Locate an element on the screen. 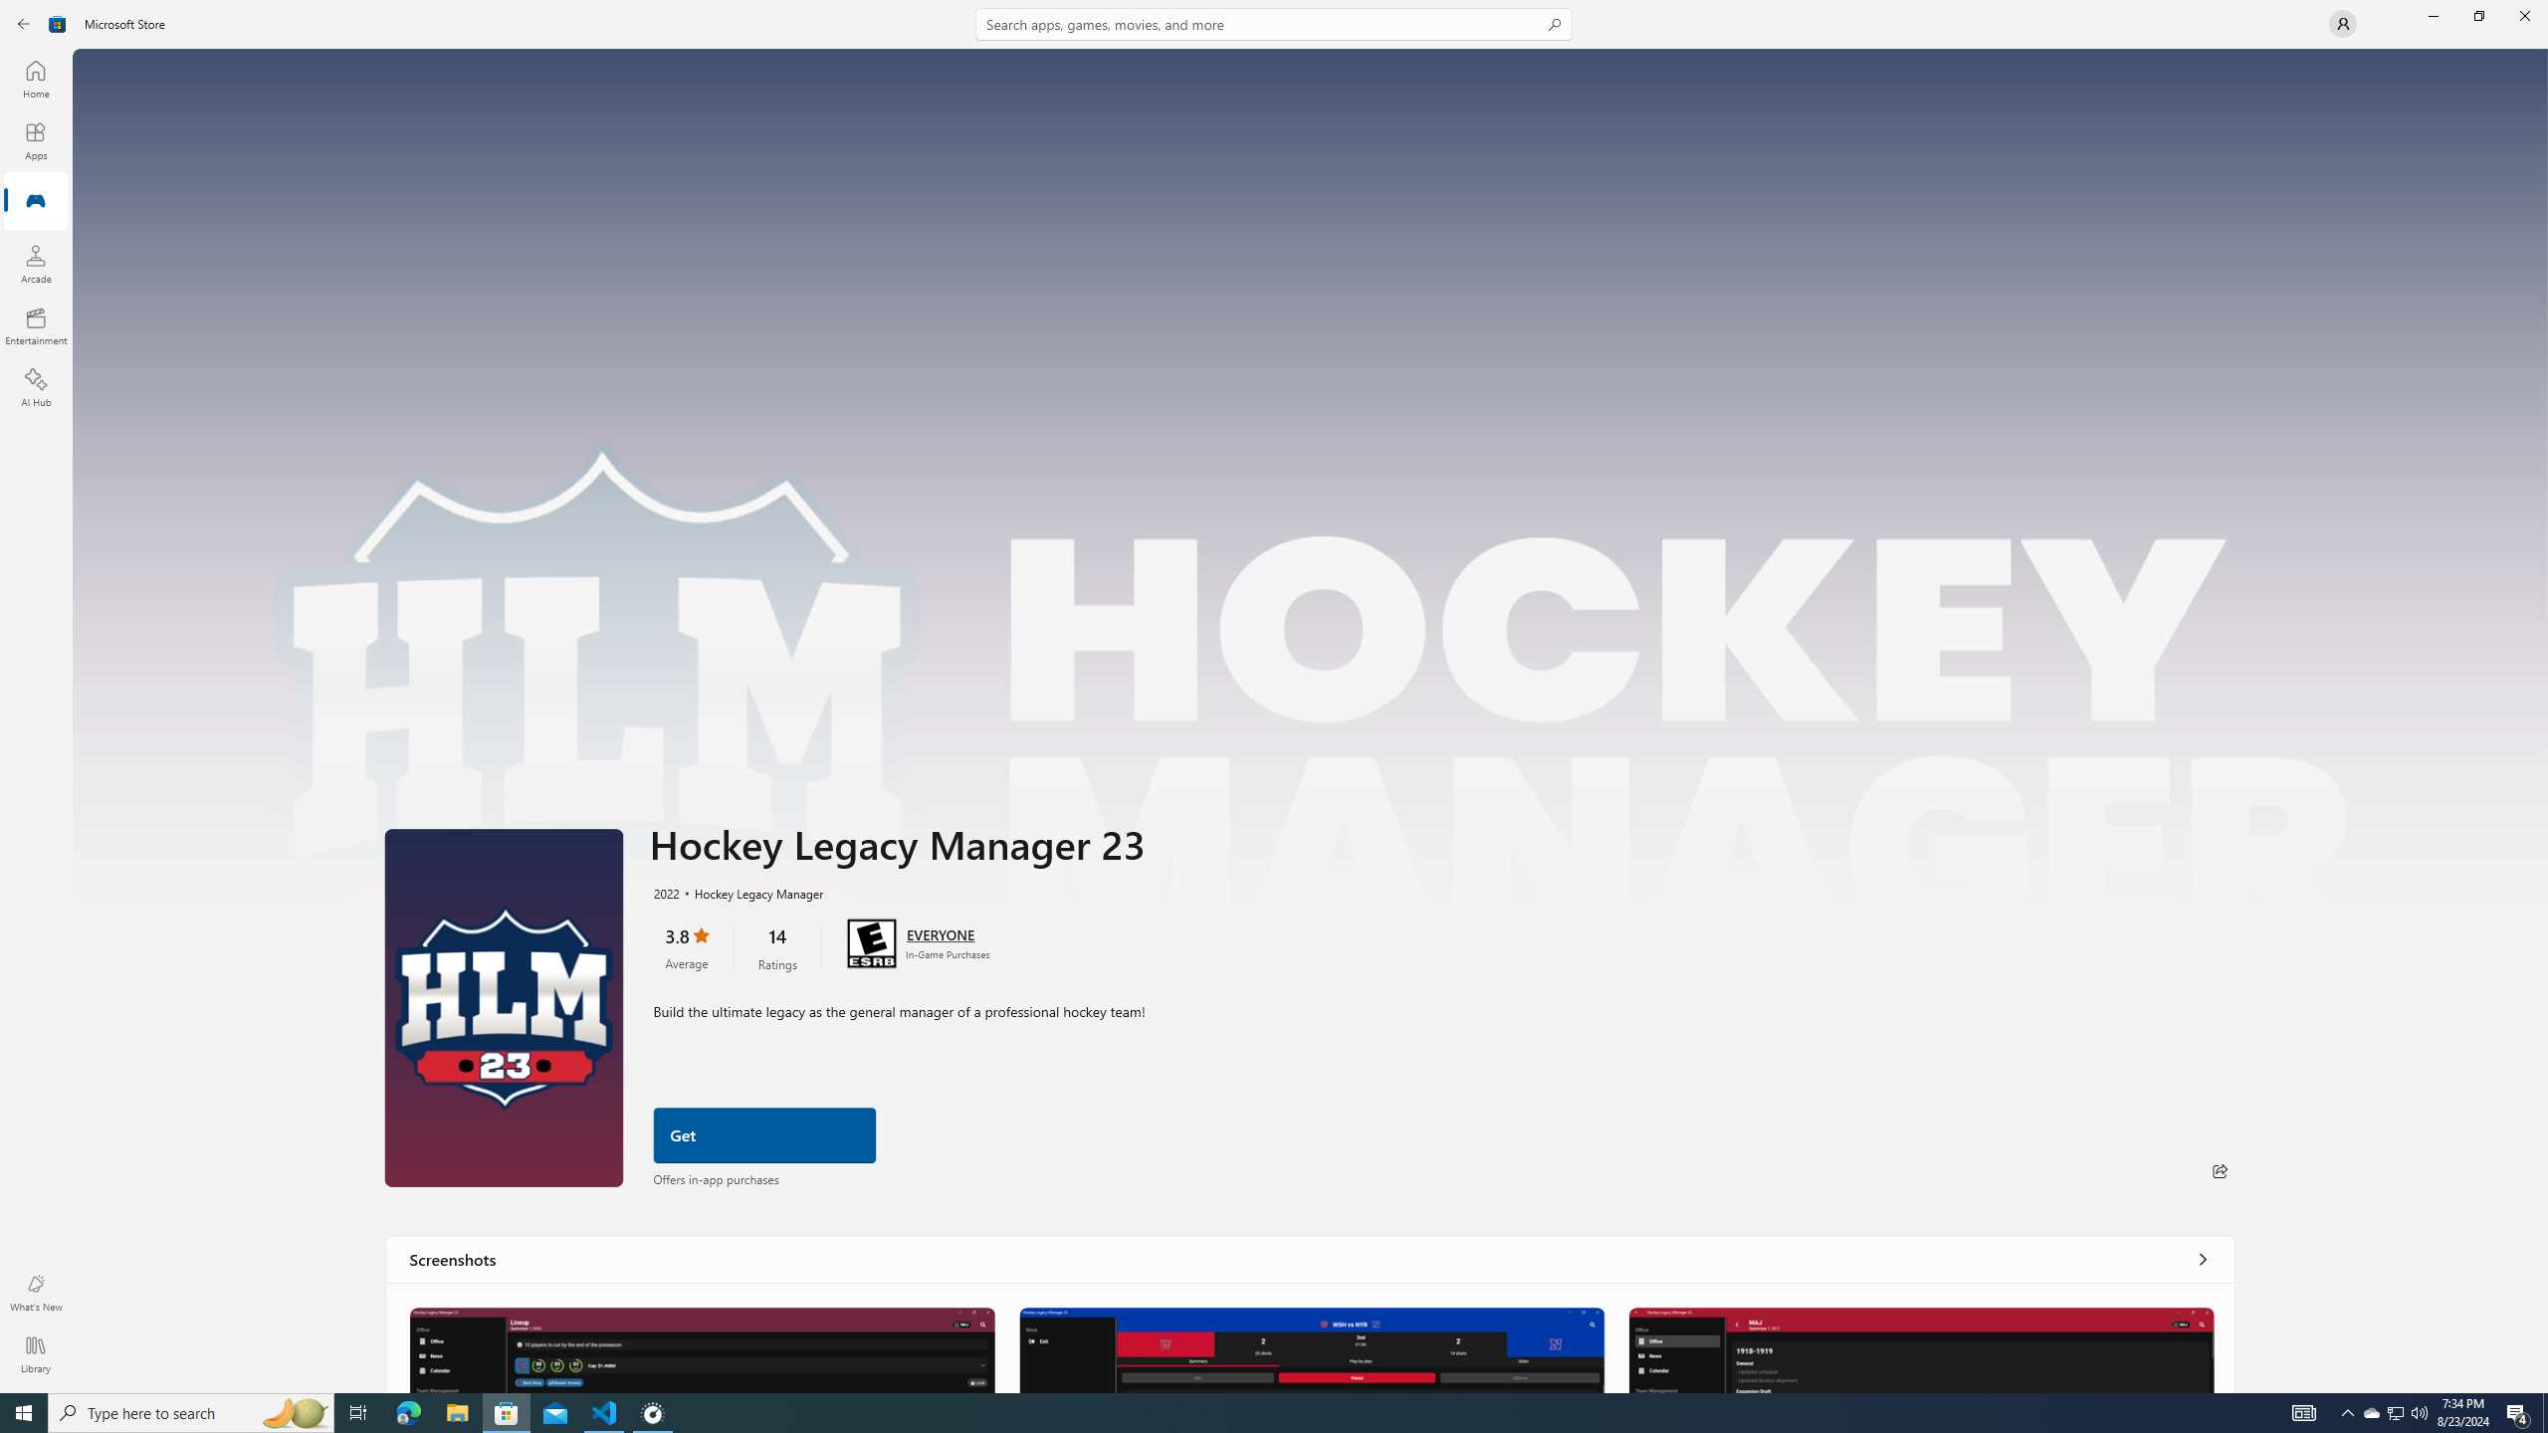  'Apps' is located at coordinates (34, 140).